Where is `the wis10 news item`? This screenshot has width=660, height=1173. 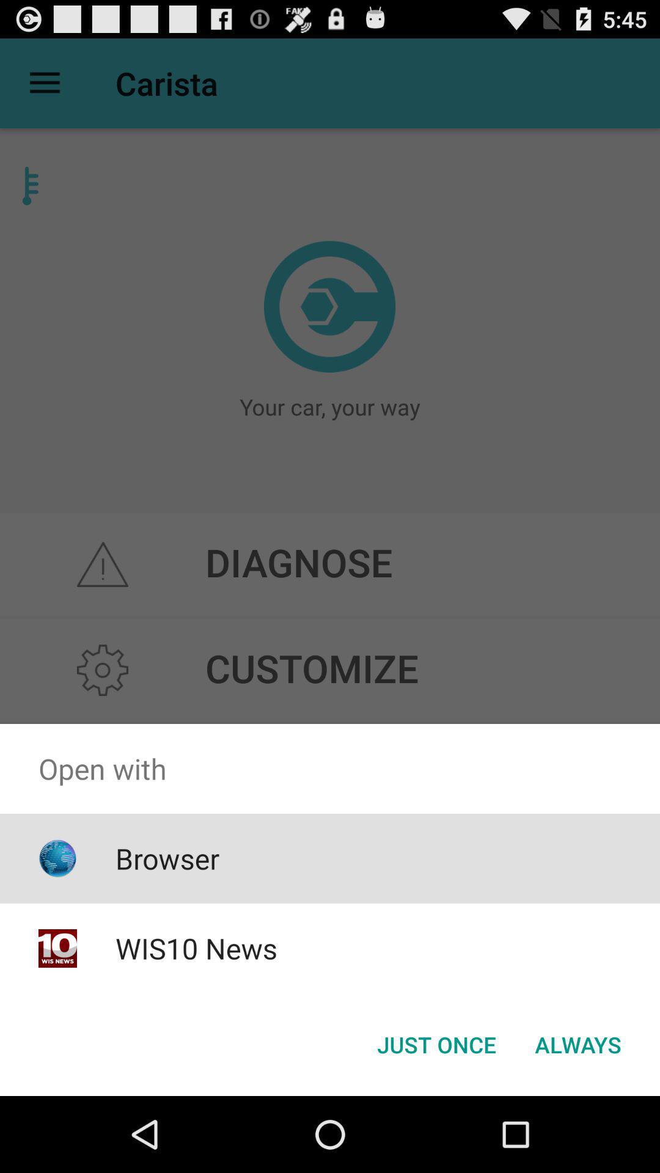
the wis10 news item is located at coordinates (196, 948).